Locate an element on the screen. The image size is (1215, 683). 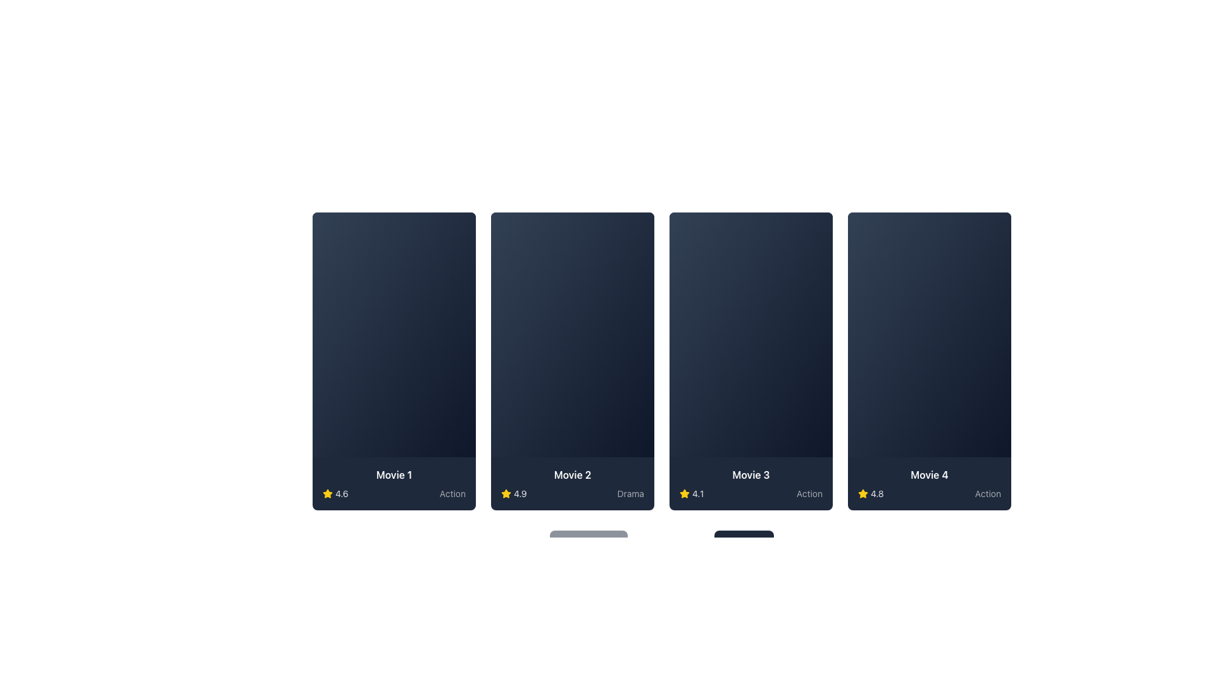
the leftward chevron icon, which is gray and located to the left of the 'Previous' text is located at coordinates (566, 543).